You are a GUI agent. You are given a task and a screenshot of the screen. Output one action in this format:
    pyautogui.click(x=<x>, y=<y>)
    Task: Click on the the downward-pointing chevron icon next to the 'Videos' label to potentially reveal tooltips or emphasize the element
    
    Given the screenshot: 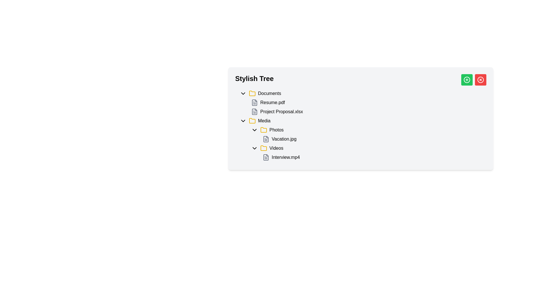 What is the action you would take?
    pyautogui.click(x=254, y=148)
    